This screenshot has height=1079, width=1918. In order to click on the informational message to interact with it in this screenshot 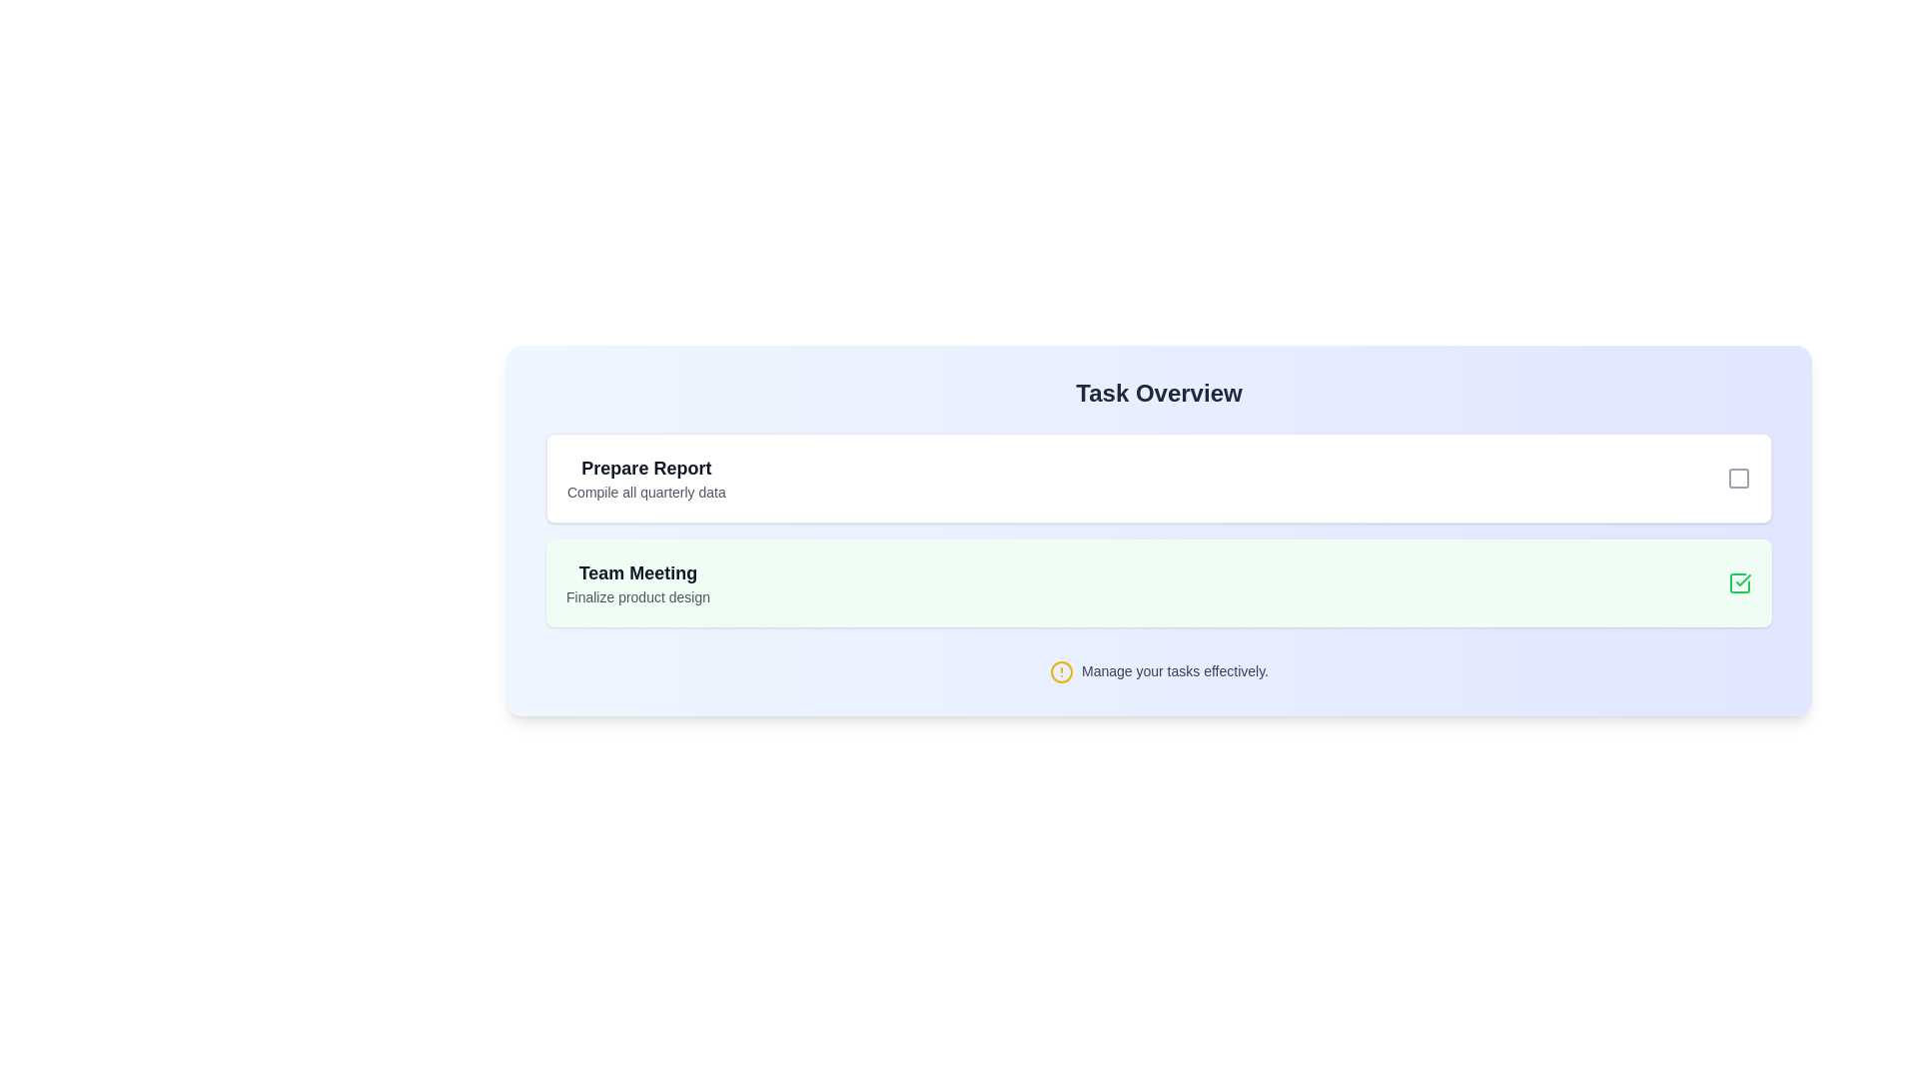, I will do `click(1159, 671)`.